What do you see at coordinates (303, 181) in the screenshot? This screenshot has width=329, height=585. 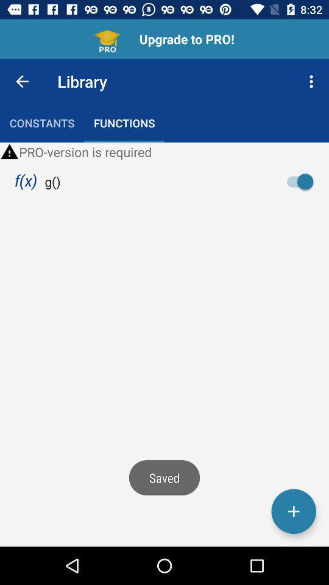 I see `item to the right of g() icon` at bounding box center [303, 181].